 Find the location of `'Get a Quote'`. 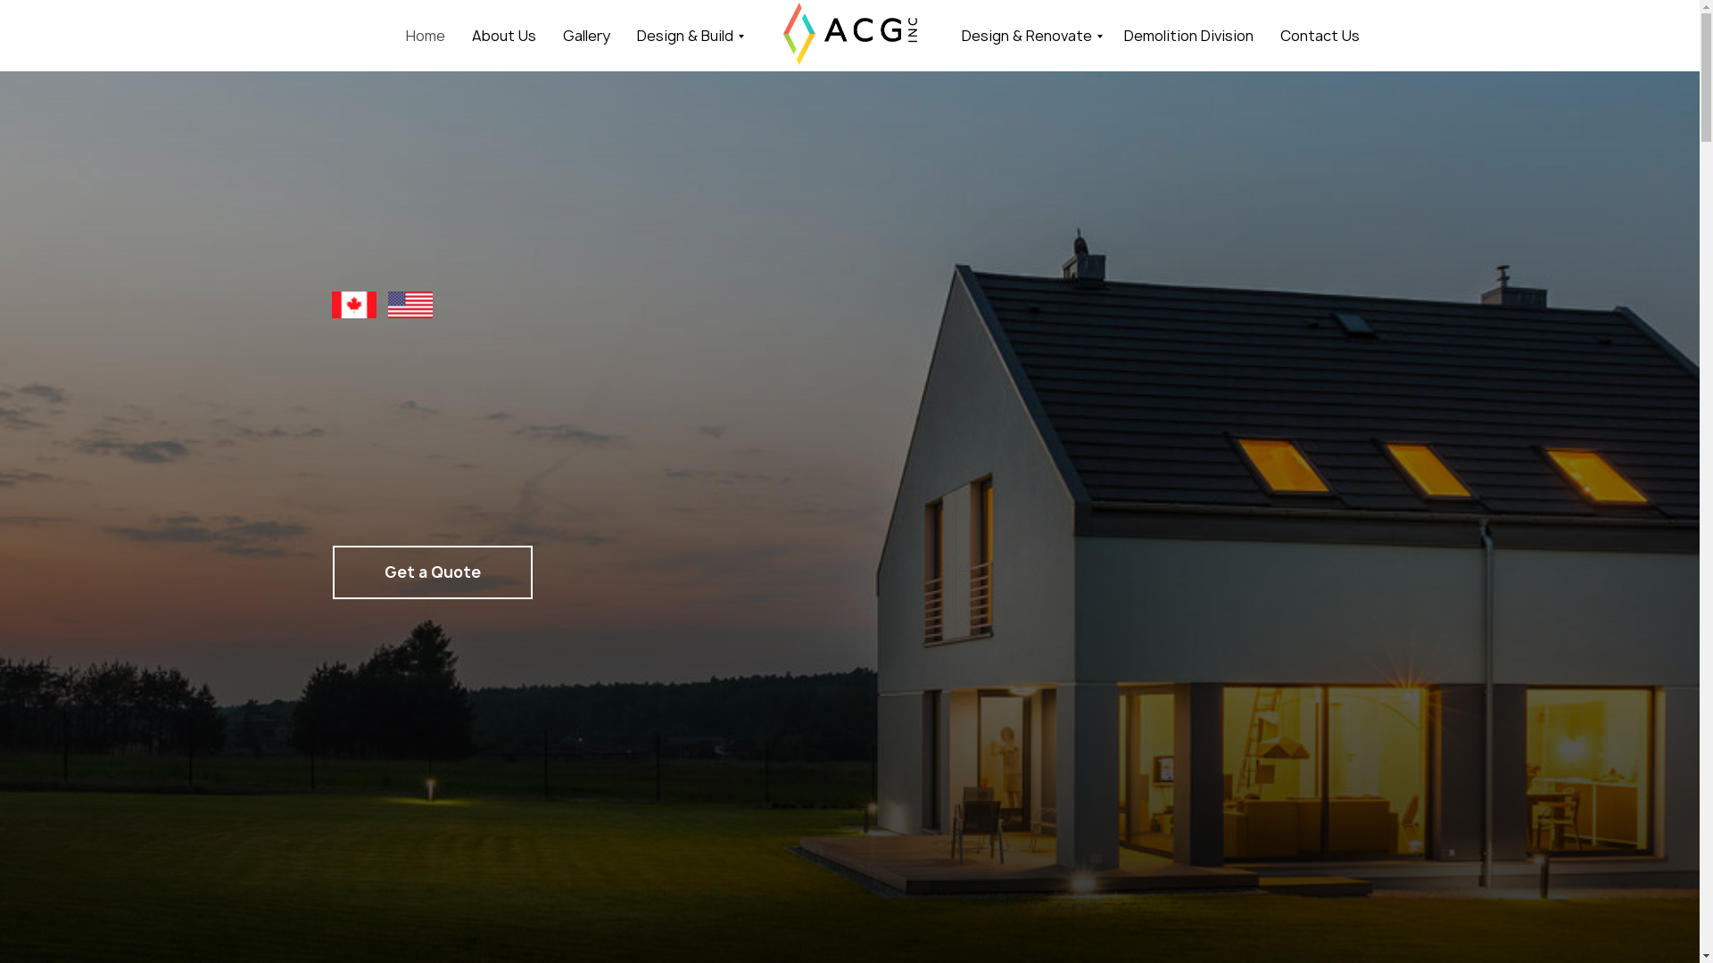

'Get a Quote' is located at coordinates (432, 572).